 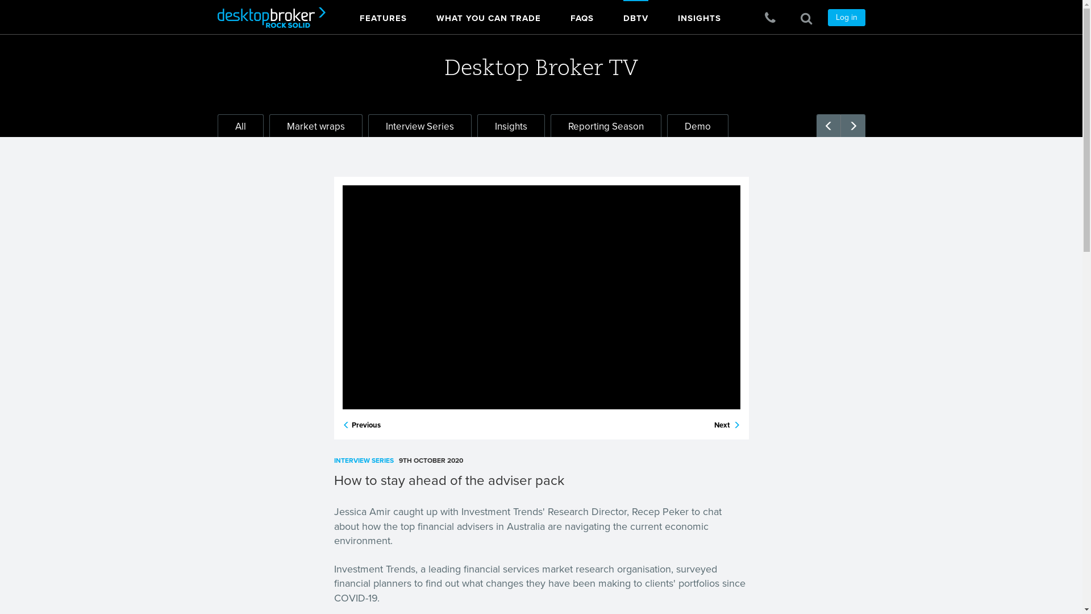 I want to click on 'Market wraps', so click(x=316, y=125).